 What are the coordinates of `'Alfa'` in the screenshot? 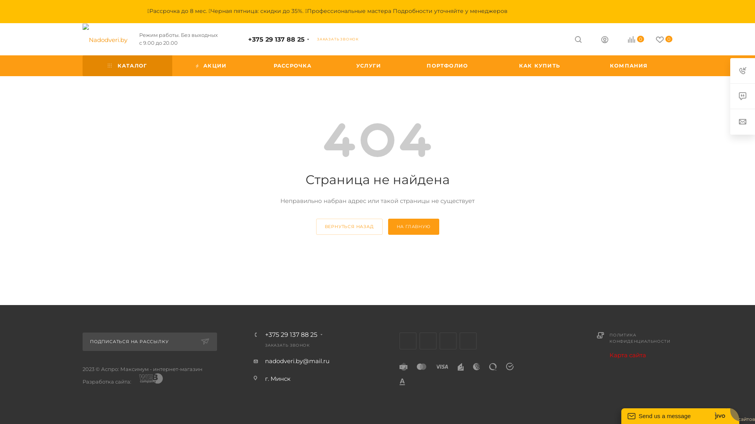 It's located at (402, 381).